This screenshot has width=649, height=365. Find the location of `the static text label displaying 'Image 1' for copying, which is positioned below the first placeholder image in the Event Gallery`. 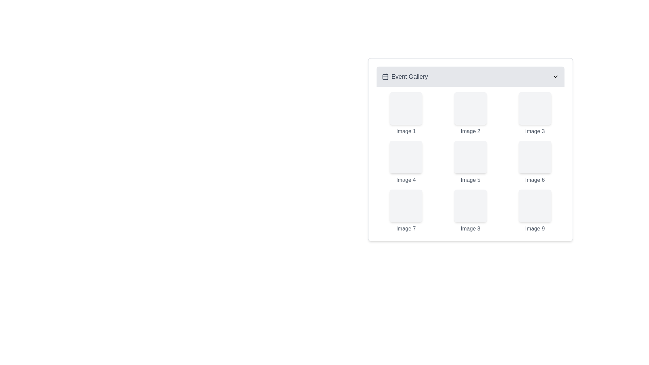

the static text label displaying 'Image 1' for copying, which is positioned below the first placeholder image in the Event Gallery is located at coordinates (406, 131).